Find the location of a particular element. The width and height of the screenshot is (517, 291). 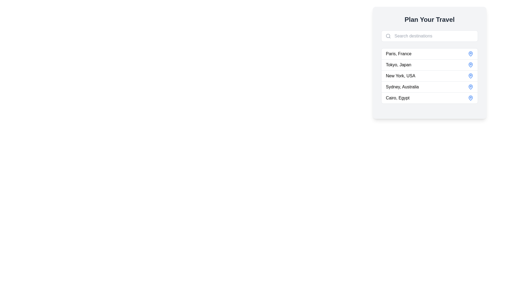

the blue pin-shaped icon located to the right of 'Cairo, Egypt' in the destination list is located at coordinates (470, 98).